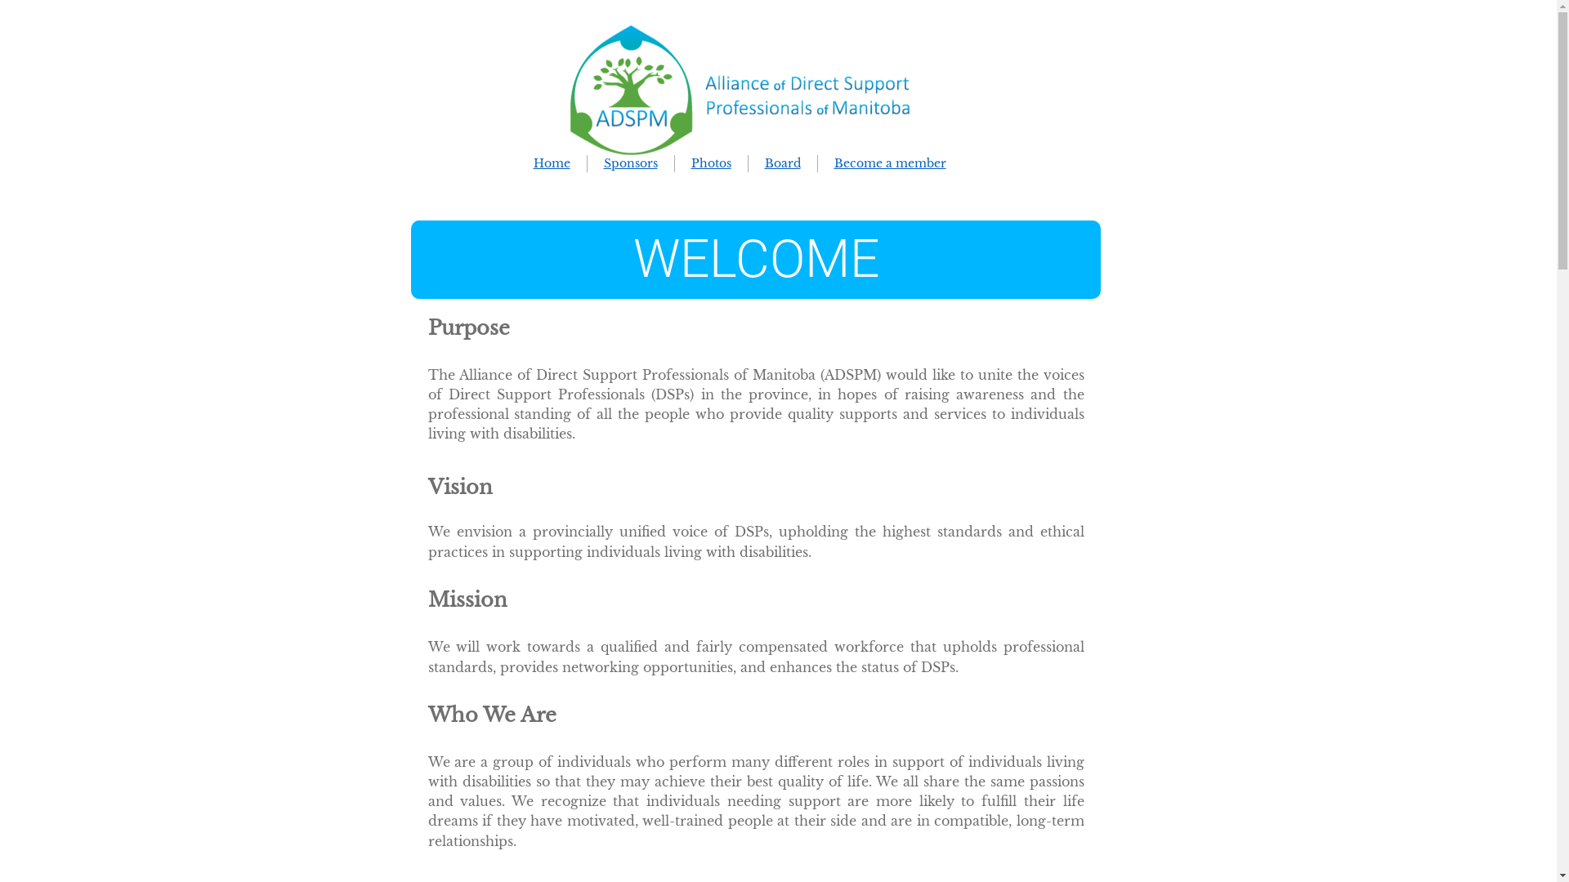 This screenshot has width=1569, height=882. What do you see at coordinates (888, 163) in the screenshot?
I see `'Become a member'` at bounding box center [888, 163].